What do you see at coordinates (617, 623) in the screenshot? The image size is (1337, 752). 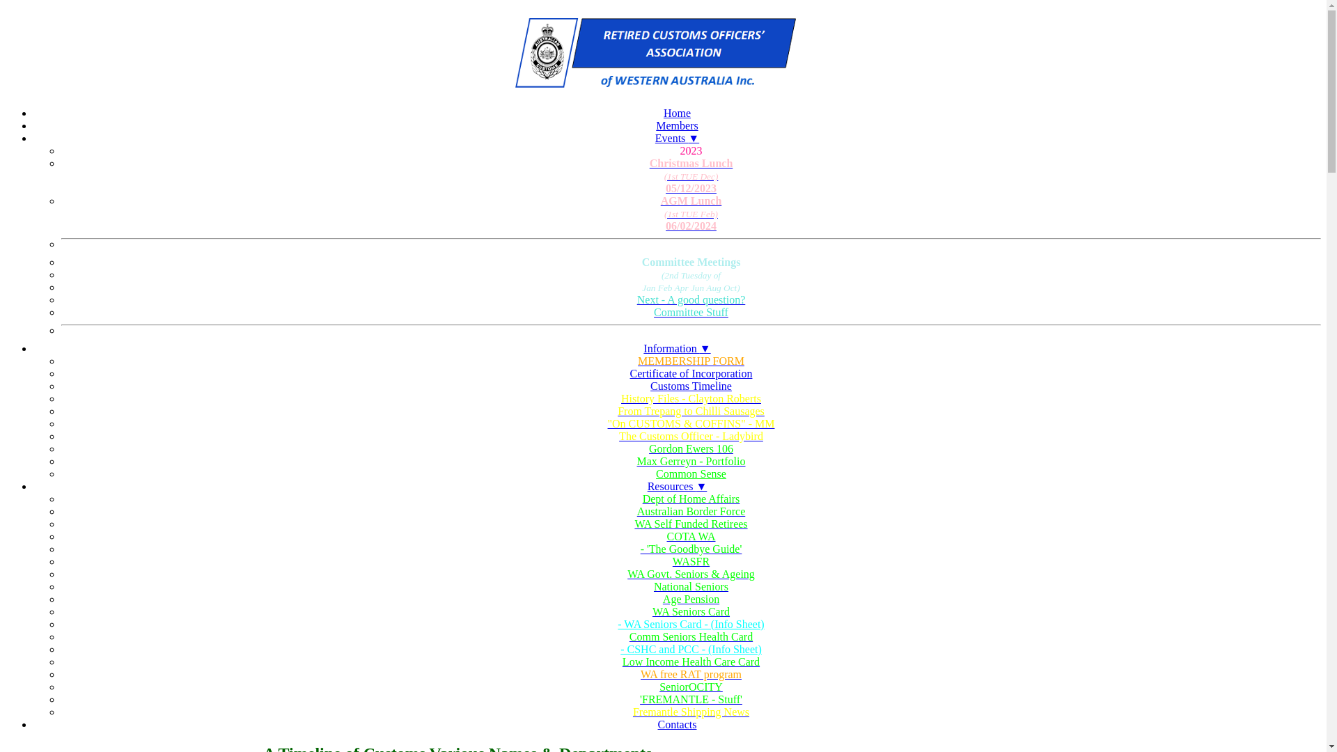 I see `'- WA Seniors Card - (Info Sheet)'` at bounding box center [617, 623].